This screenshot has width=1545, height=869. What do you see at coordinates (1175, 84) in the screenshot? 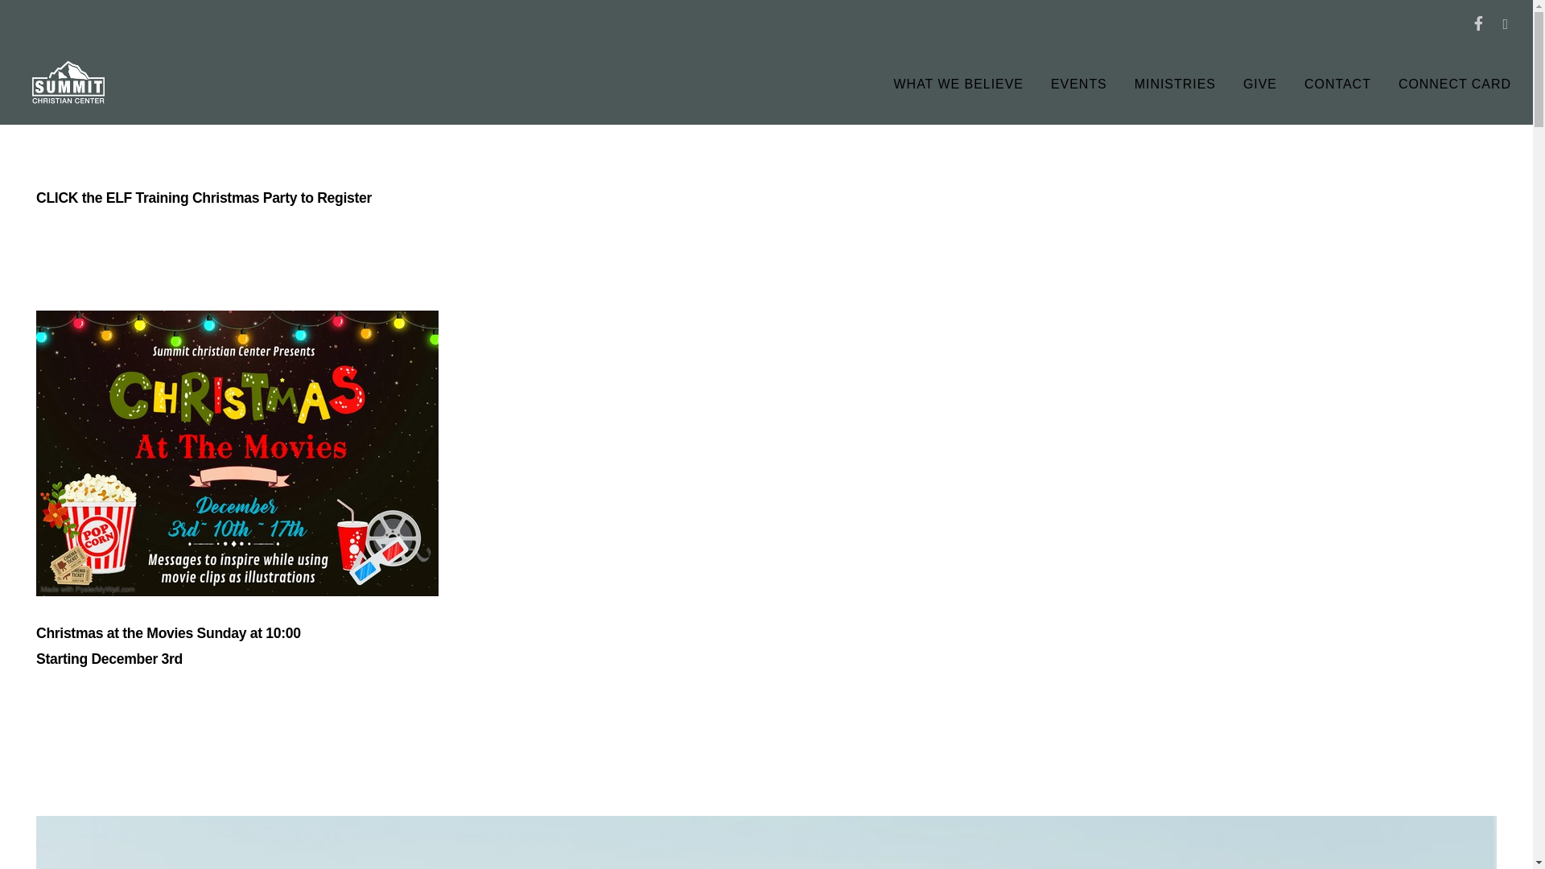
I see `'MINISTRIES'` at bounding box center [1175, 84].